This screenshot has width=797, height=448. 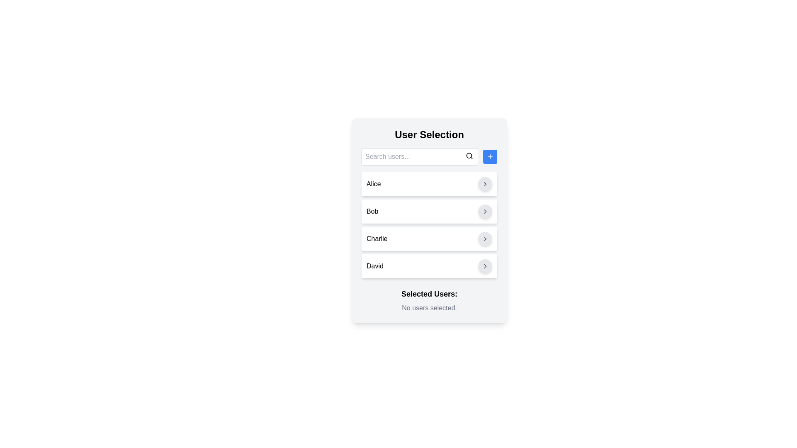 I want to click on the search icon located at the right end of the 'Search users...' input field to initiate a search action, so click(x=469, y=156).